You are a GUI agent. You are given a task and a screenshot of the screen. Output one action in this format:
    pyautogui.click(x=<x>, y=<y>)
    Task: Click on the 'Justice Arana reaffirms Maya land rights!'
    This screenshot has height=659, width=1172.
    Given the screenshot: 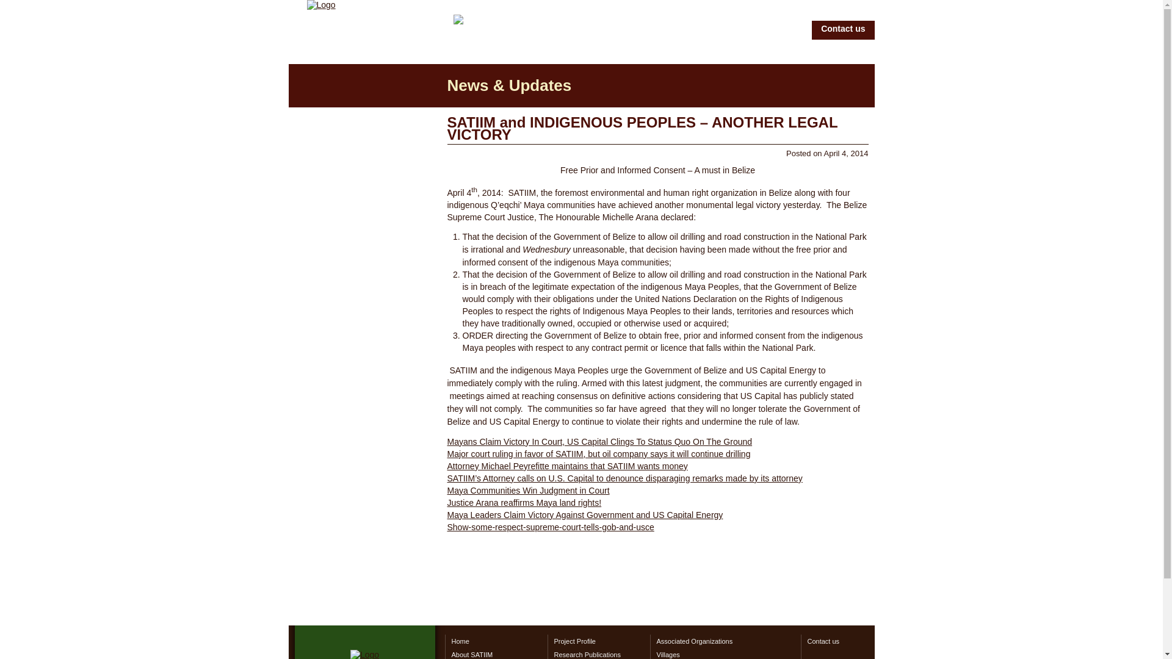 What is the action you would take?
    pyautogui.click(x=524, y=503)
    